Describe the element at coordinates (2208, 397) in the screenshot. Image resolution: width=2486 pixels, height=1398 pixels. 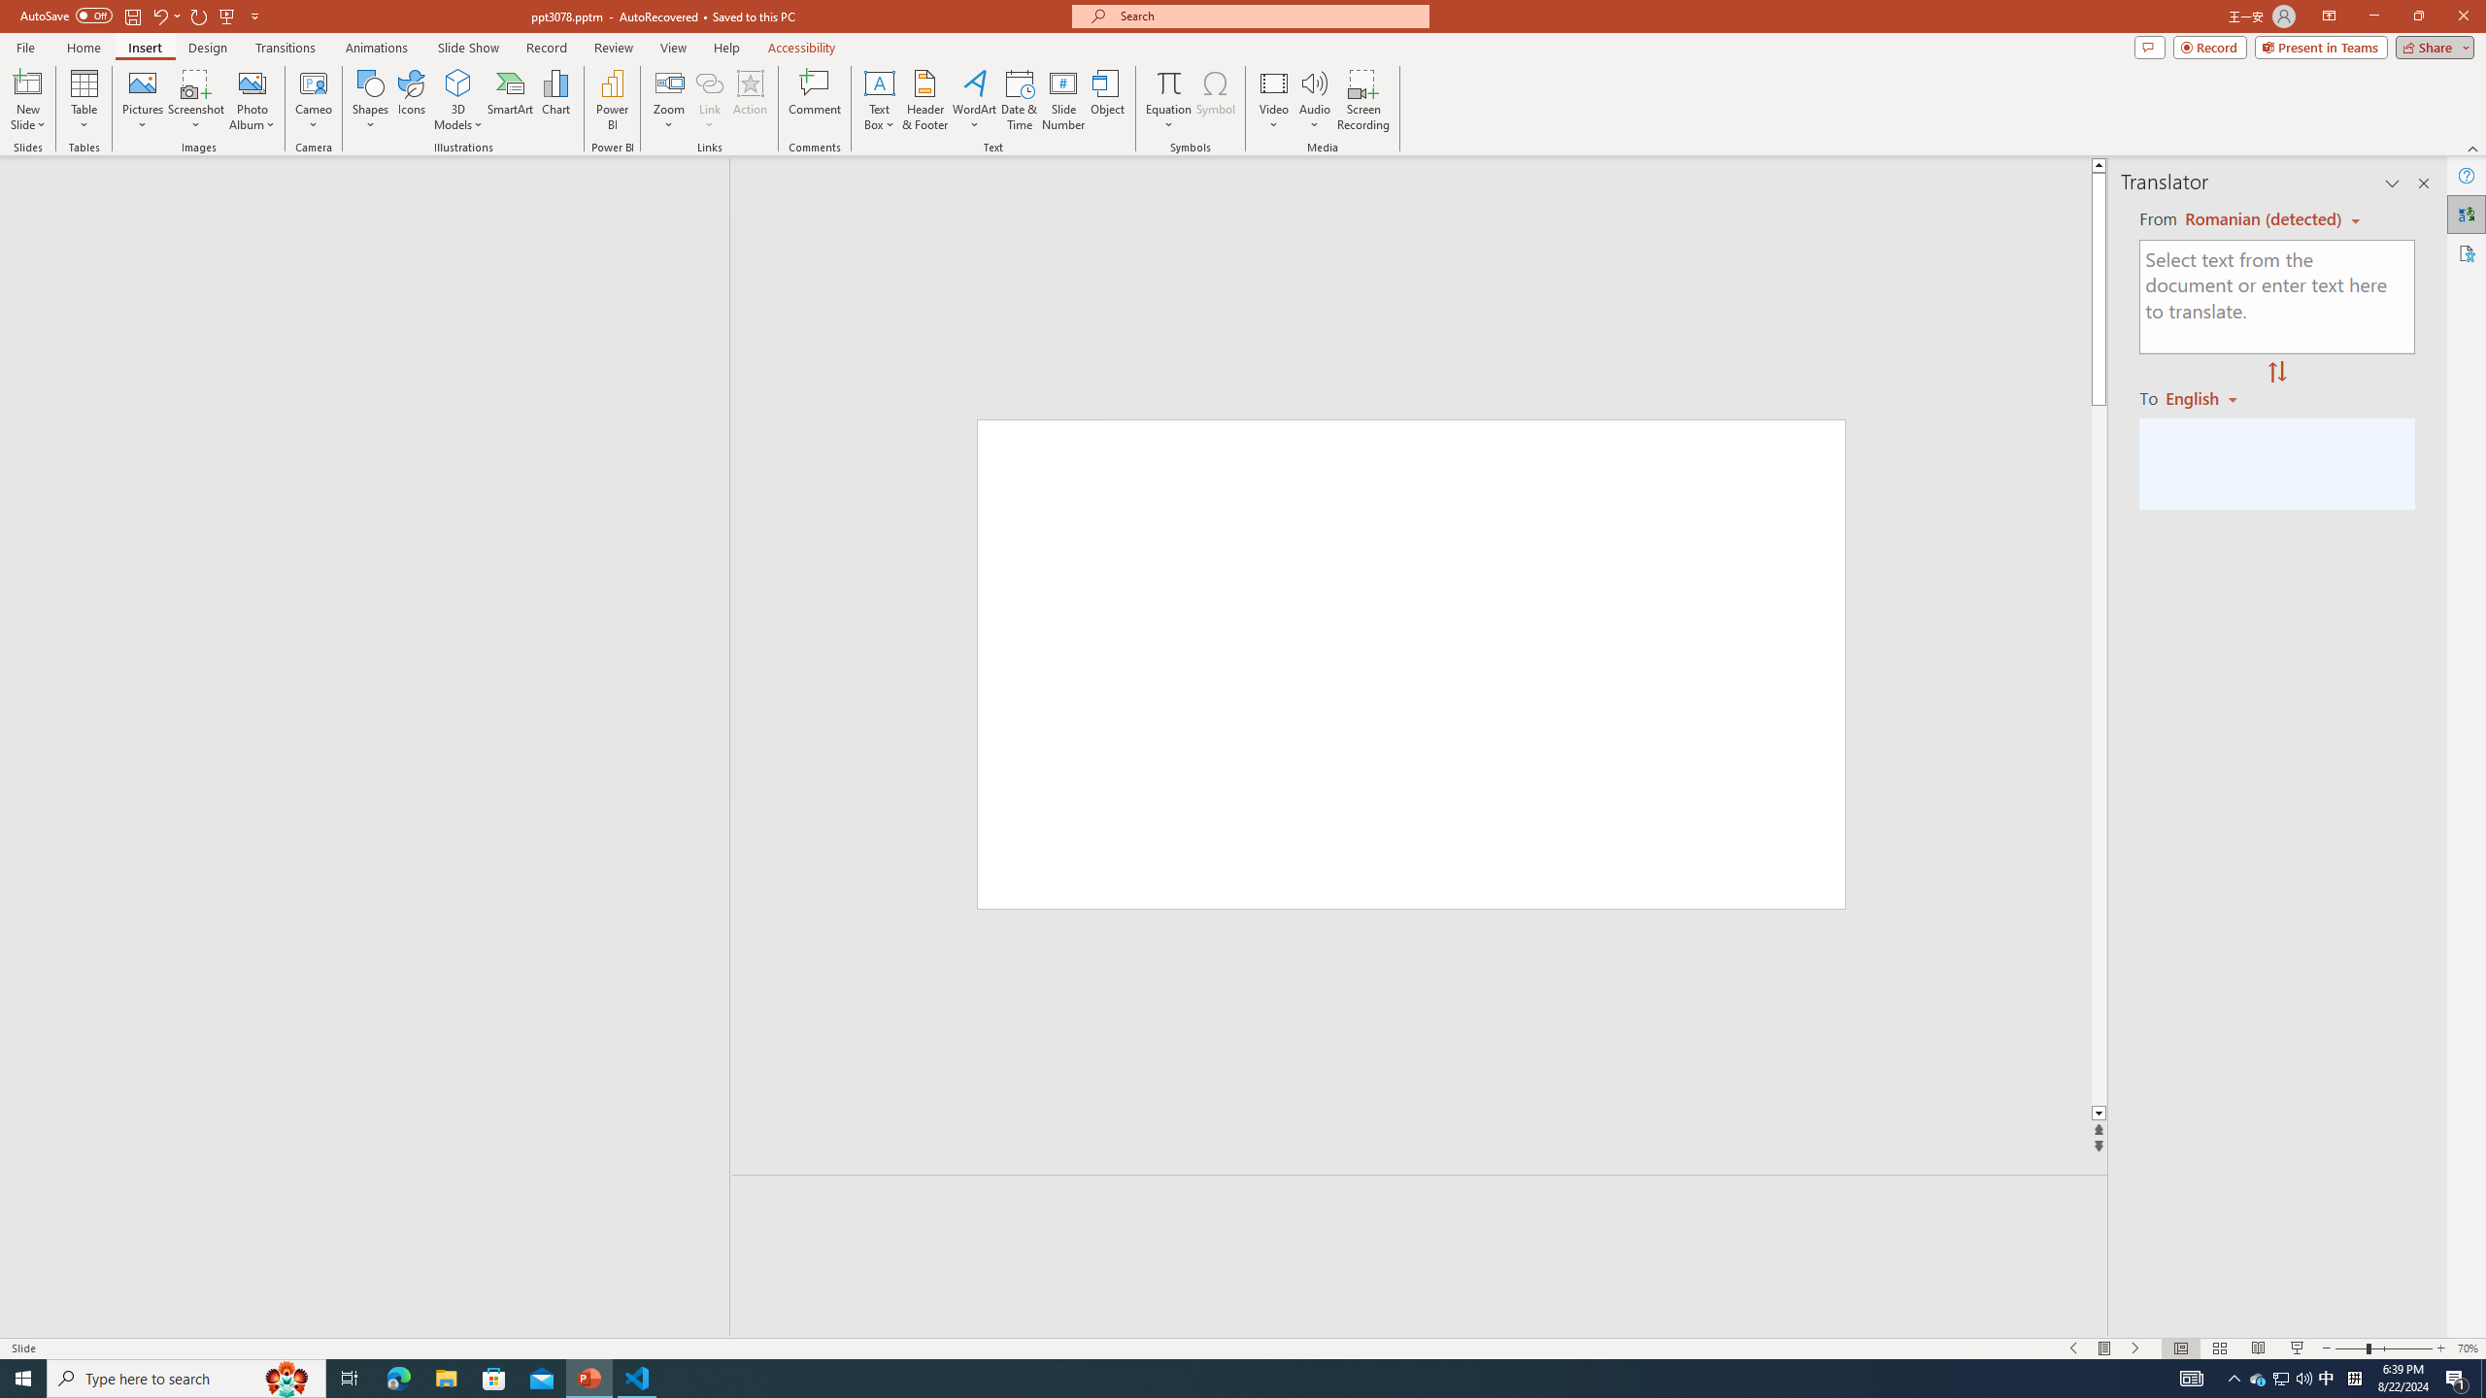
I see `'Romanian'` at that location.